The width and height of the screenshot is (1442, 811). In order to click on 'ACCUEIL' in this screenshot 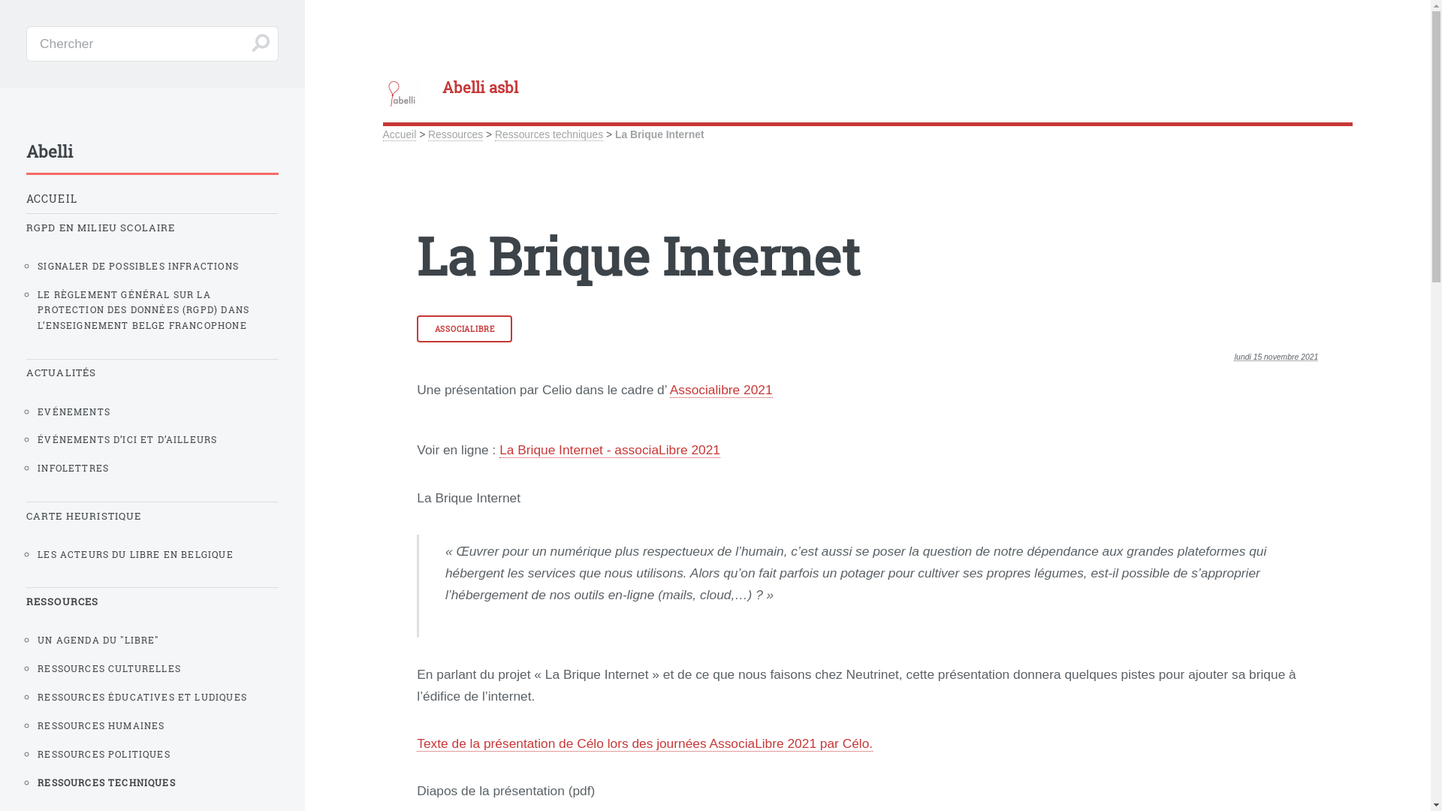, I will do `click(152, 197)`.